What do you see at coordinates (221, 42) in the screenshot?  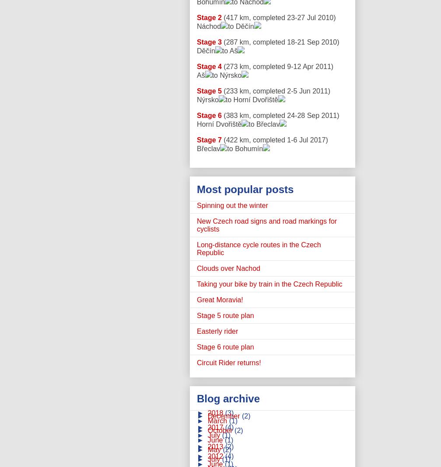 I see `'(287 km, completed 18-21 Sep 2010)'` at bounding box center [221, 42].